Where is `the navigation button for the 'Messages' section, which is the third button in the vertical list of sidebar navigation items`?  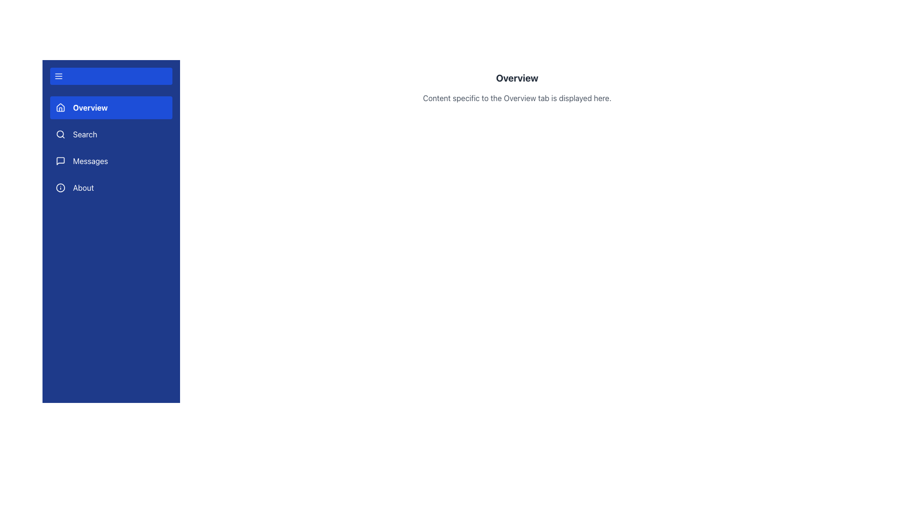
the navigation button for the 'Messages' section, which is the third button in the vertical list of sidebar navigation items is located at coordinates (111, 161).